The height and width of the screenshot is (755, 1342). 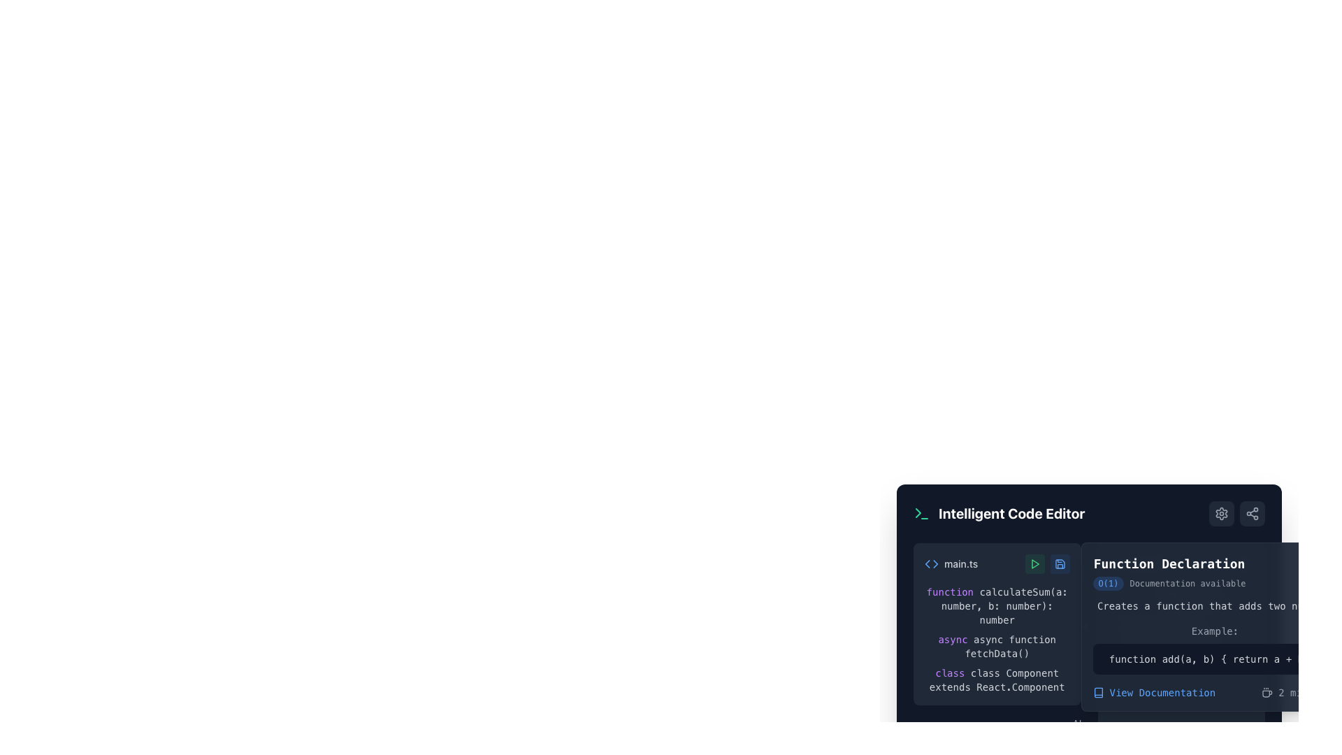 I want to click on the line of code displaying the function declaration 'calculateSum' in the main code view area, so click(x=996, y=605).